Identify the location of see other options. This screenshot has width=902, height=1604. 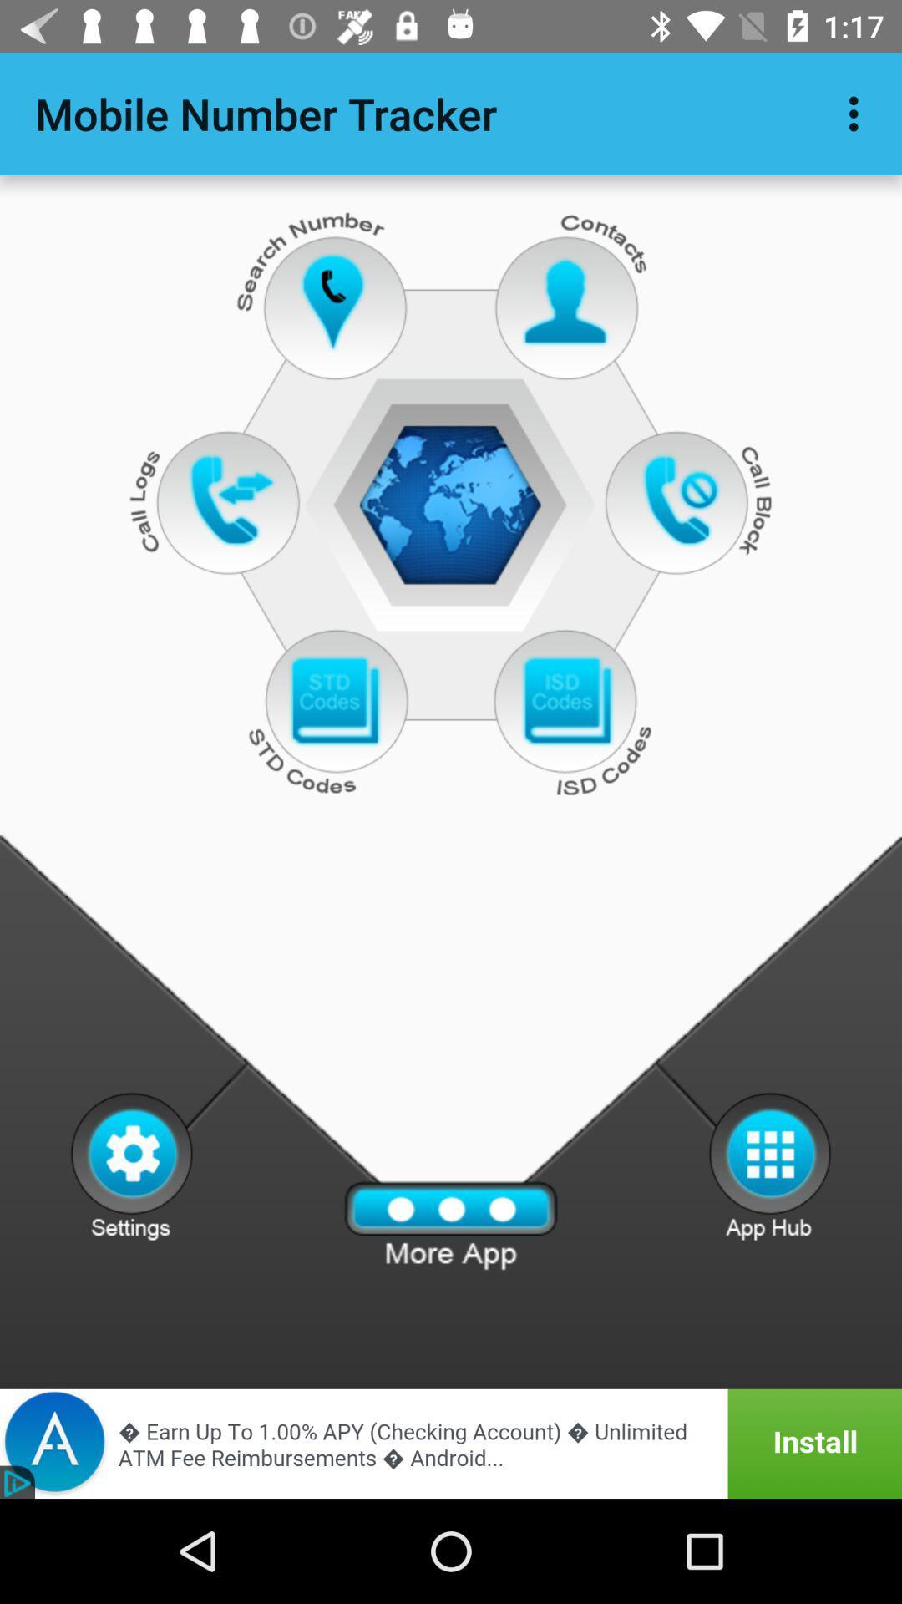
(770, 1165).